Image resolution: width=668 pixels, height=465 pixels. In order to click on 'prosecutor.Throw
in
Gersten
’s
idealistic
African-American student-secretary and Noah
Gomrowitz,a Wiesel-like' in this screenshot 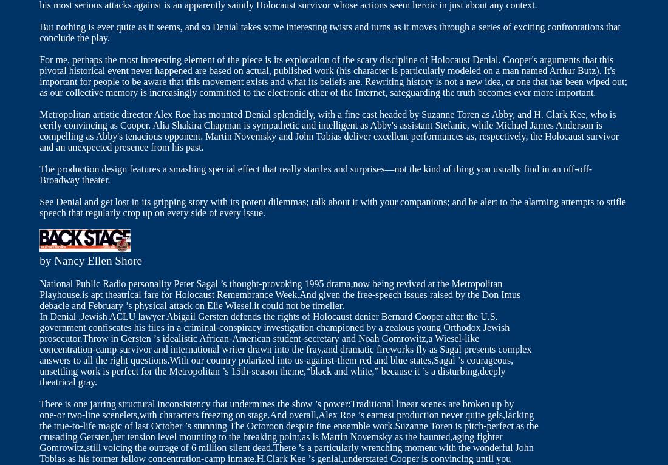, I will do `click(39, 338)`.